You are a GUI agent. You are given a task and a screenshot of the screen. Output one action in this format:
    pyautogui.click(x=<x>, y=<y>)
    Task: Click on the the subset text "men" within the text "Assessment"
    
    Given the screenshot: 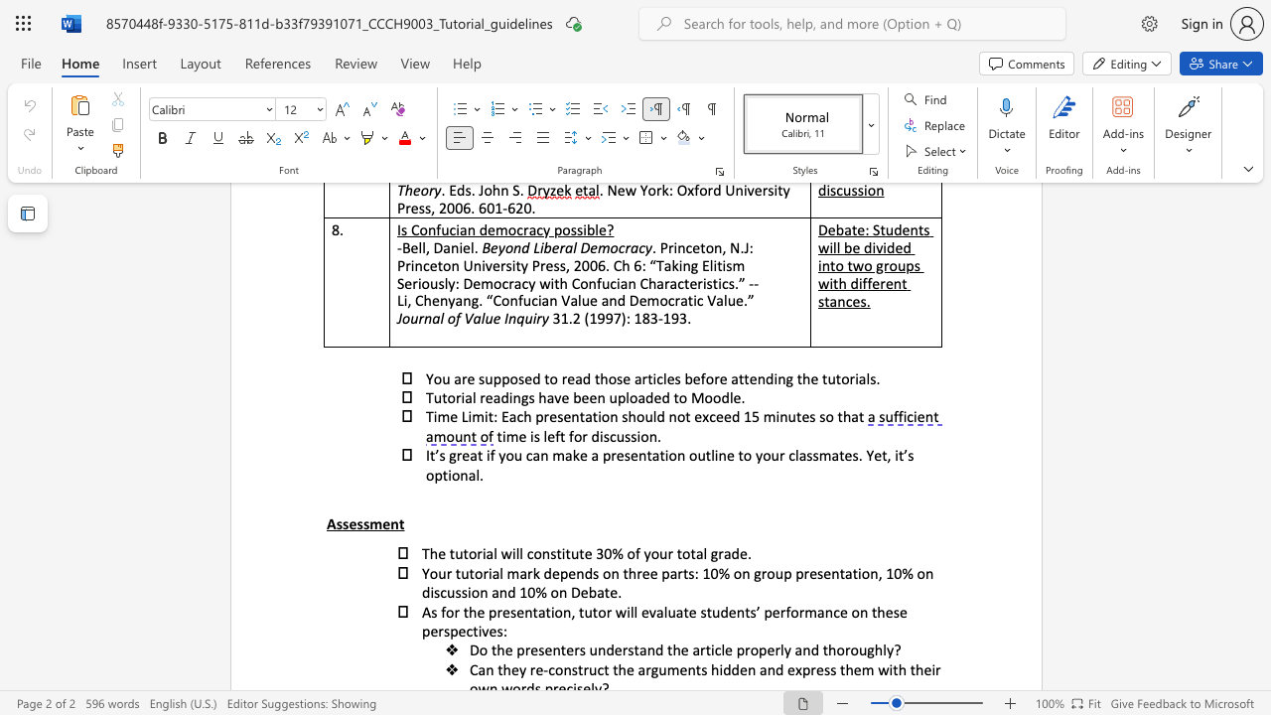 What is the action you would take?
    pyautogui.click(x=369, y=522)
    